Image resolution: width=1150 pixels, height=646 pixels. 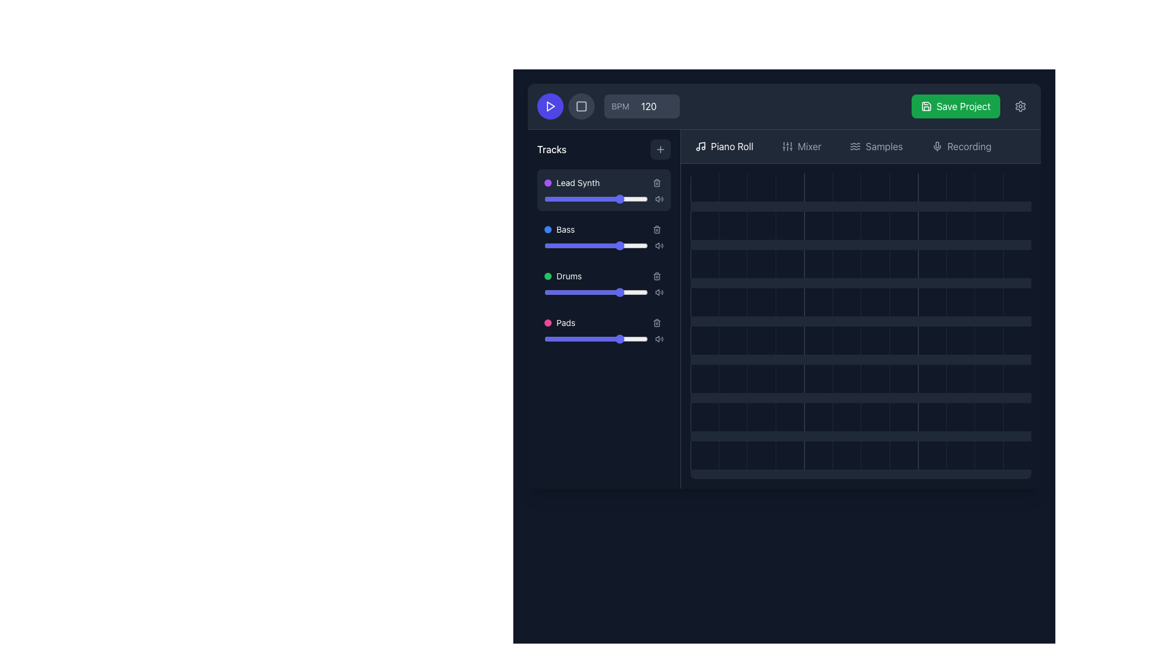 I want to click on the text label identifying the track labeled 'Pads', which is the fourth item in a vertically aligned list of tracks in a musical composition application, so click(x=565, y=323).